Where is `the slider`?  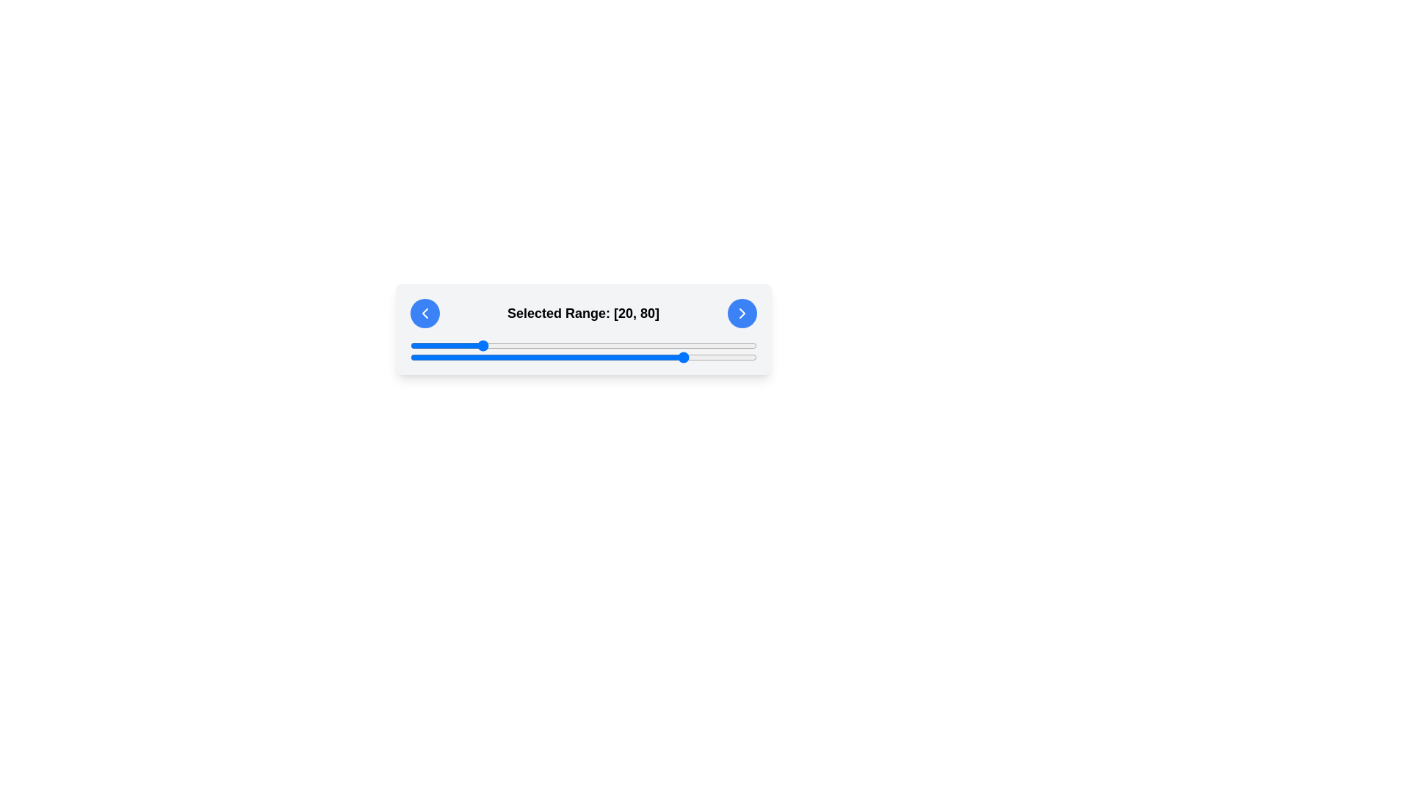 the slider is located at coordinates (632, 357).